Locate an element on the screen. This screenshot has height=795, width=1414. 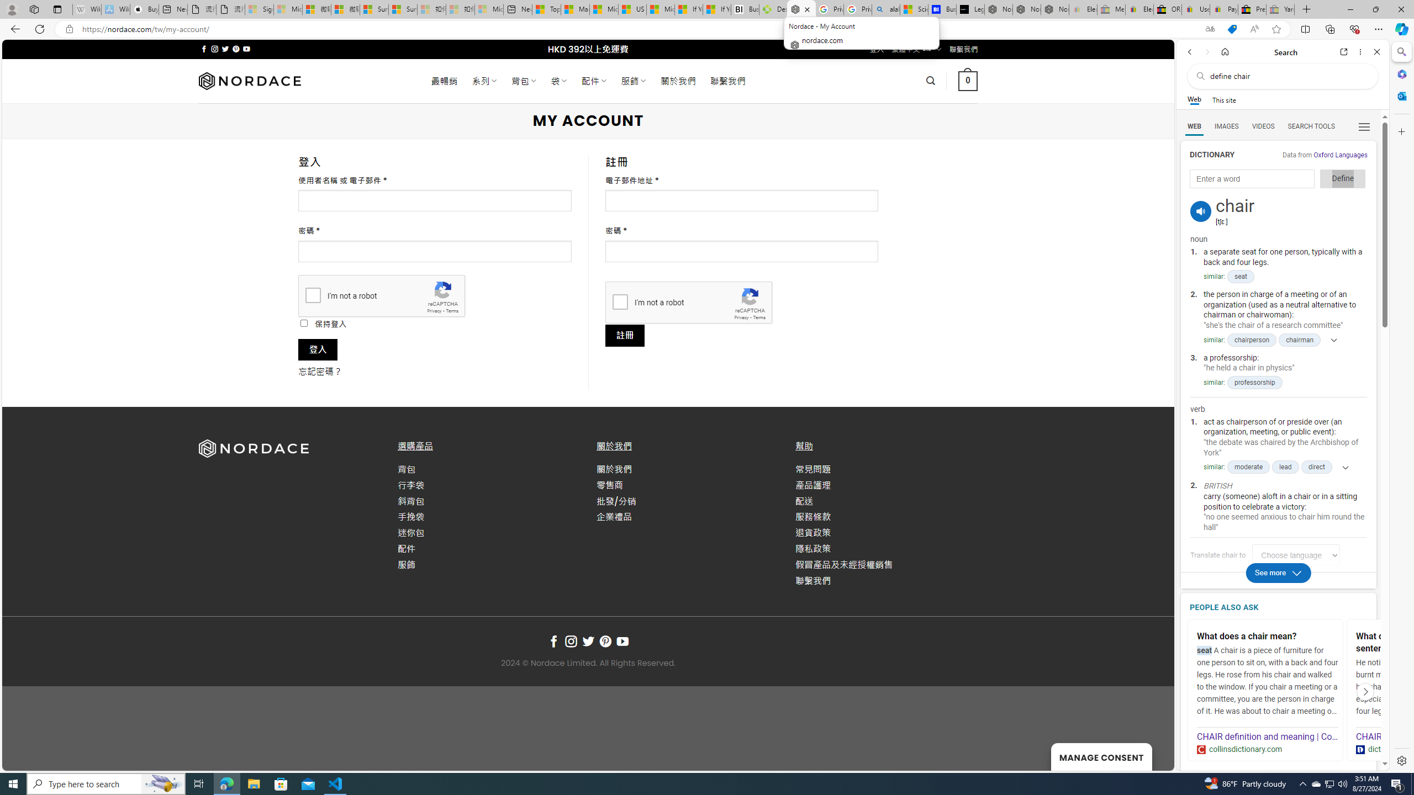
'direct' is located at coordinates (1316, 467).